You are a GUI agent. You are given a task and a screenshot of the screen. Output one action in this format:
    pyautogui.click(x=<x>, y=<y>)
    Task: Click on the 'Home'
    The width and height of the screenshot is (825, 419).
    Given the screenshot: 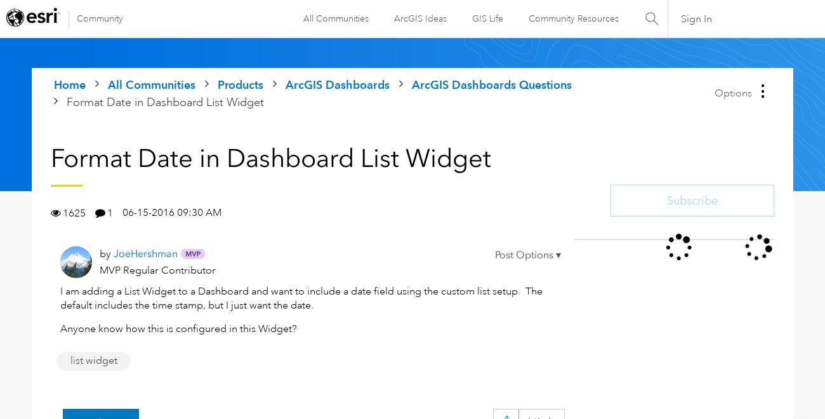 What is the action you would take?
    pyautogui.click(x=69, y=84)
    